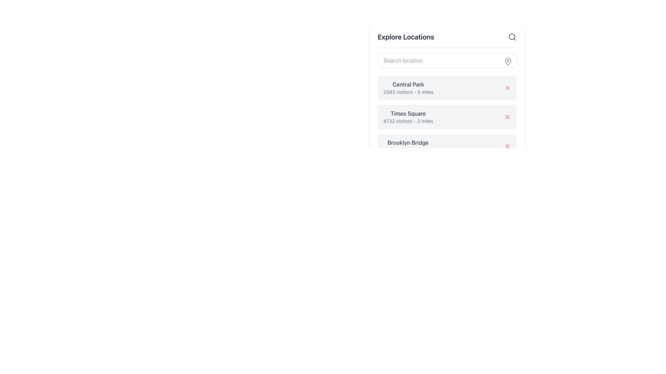  Describe the element at coordinates (408, 121) in the screenshot. I see `the text label displaying '4732 visitors - 3 miles' located below the 'Times Square' title in the card section` at that location.